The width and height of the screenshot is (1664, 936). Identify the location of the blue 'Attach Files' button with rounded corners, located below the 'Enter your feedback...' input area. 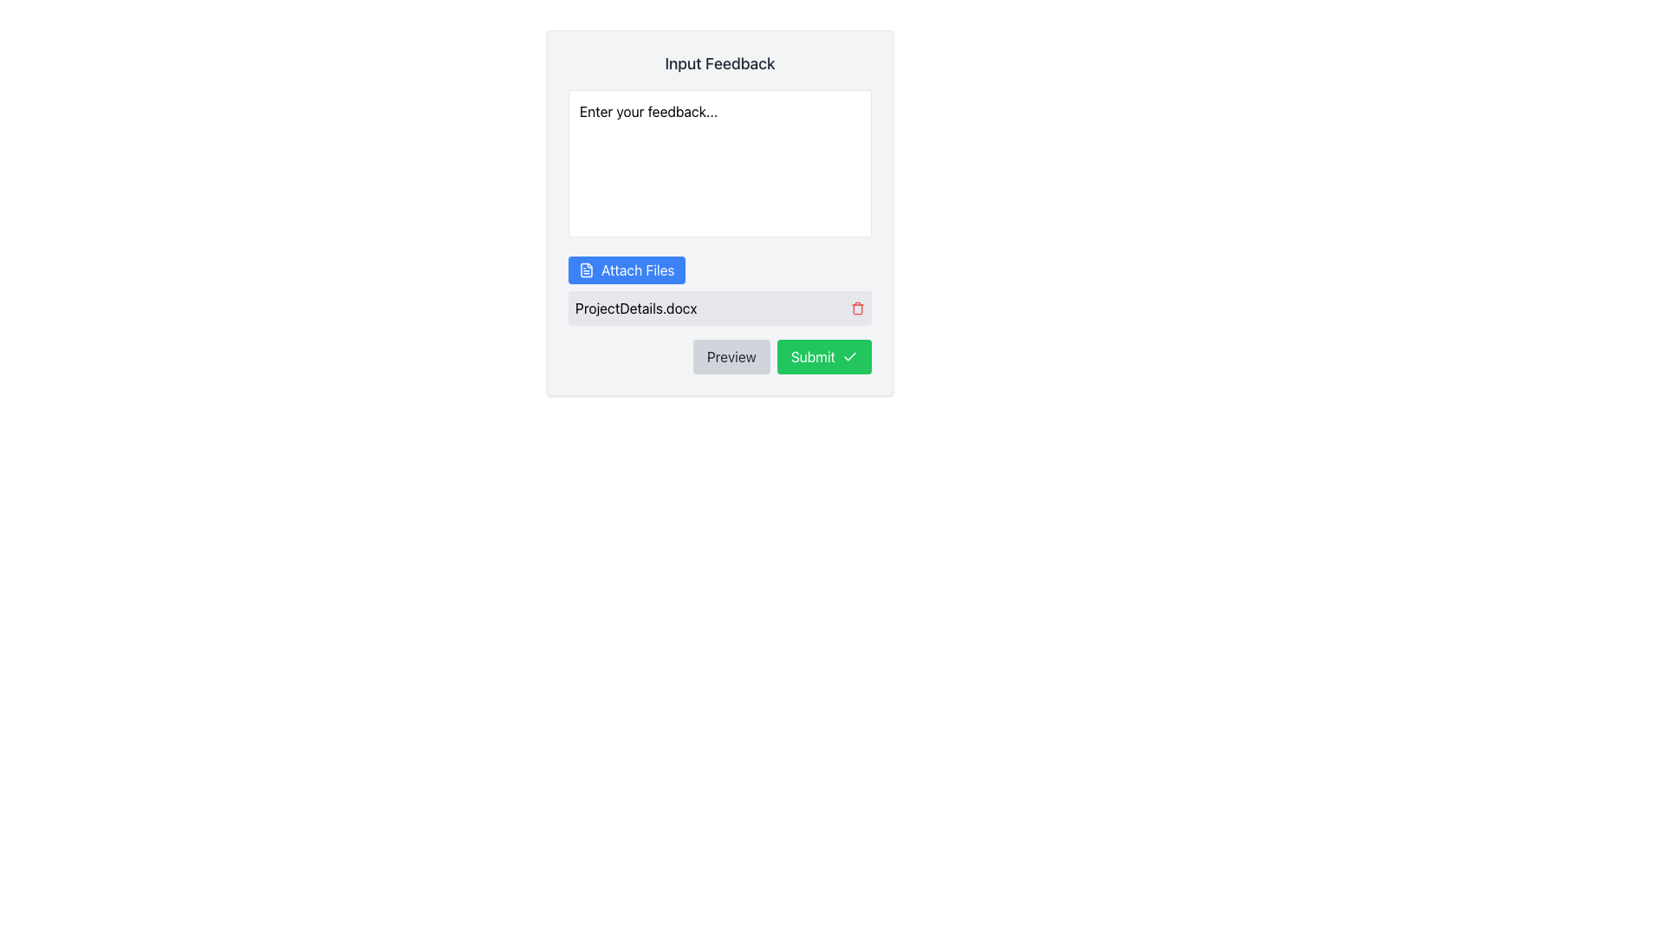
(626, 270).